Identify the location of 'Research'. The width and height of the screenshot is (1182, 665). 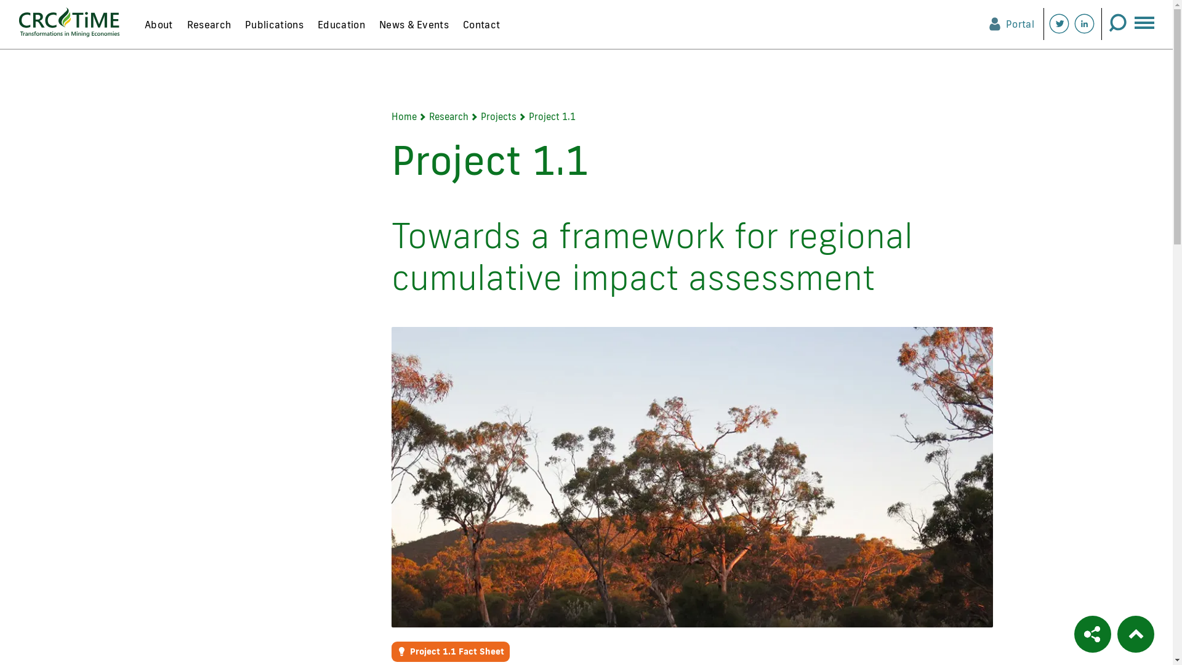
(428, 116).